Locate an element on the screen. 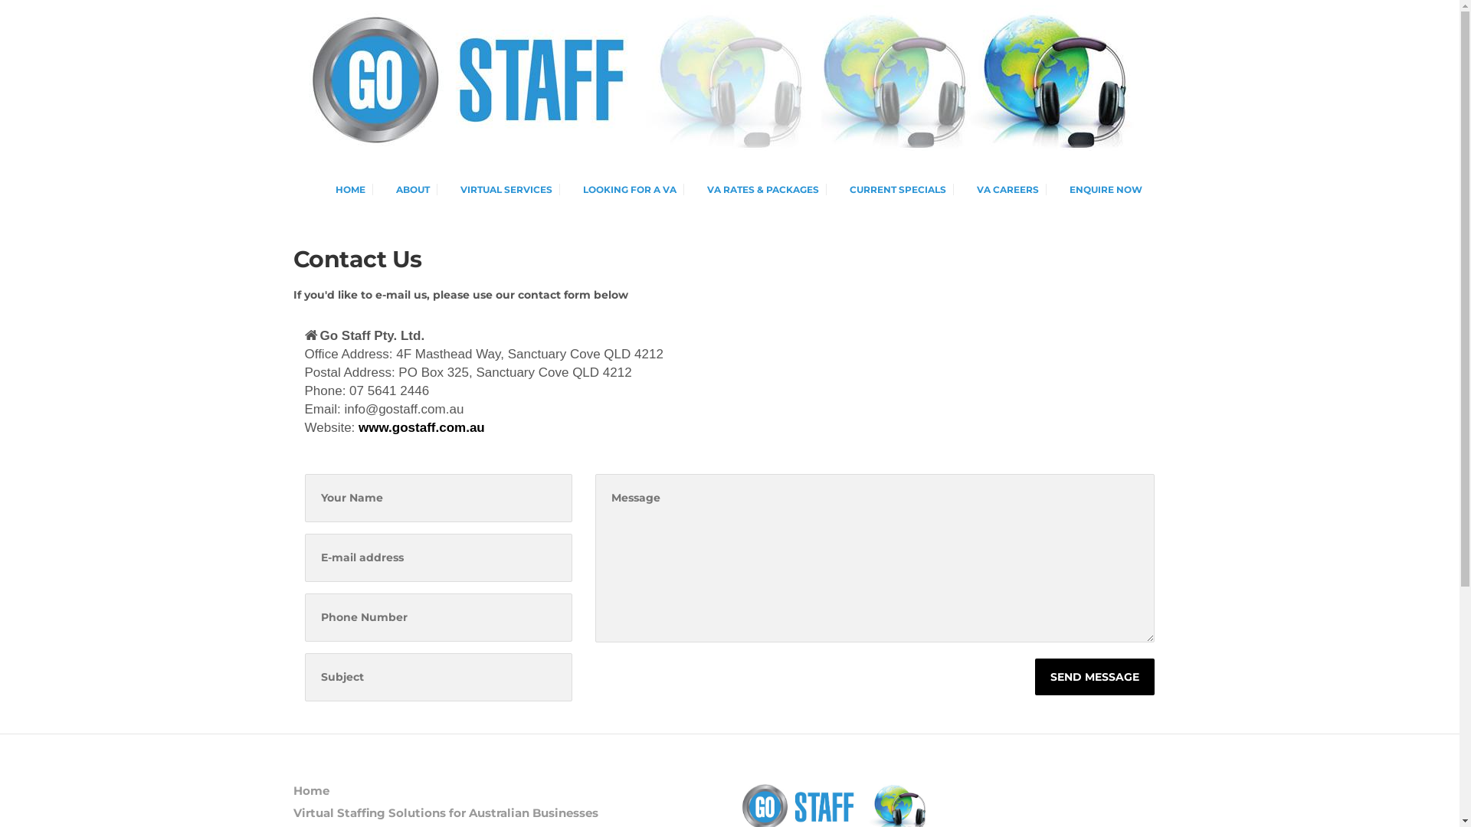 Image resolution: width=1471 pixels, height=827 pixels. 'VA CAREERS' is located at coordinates (1000, 188).